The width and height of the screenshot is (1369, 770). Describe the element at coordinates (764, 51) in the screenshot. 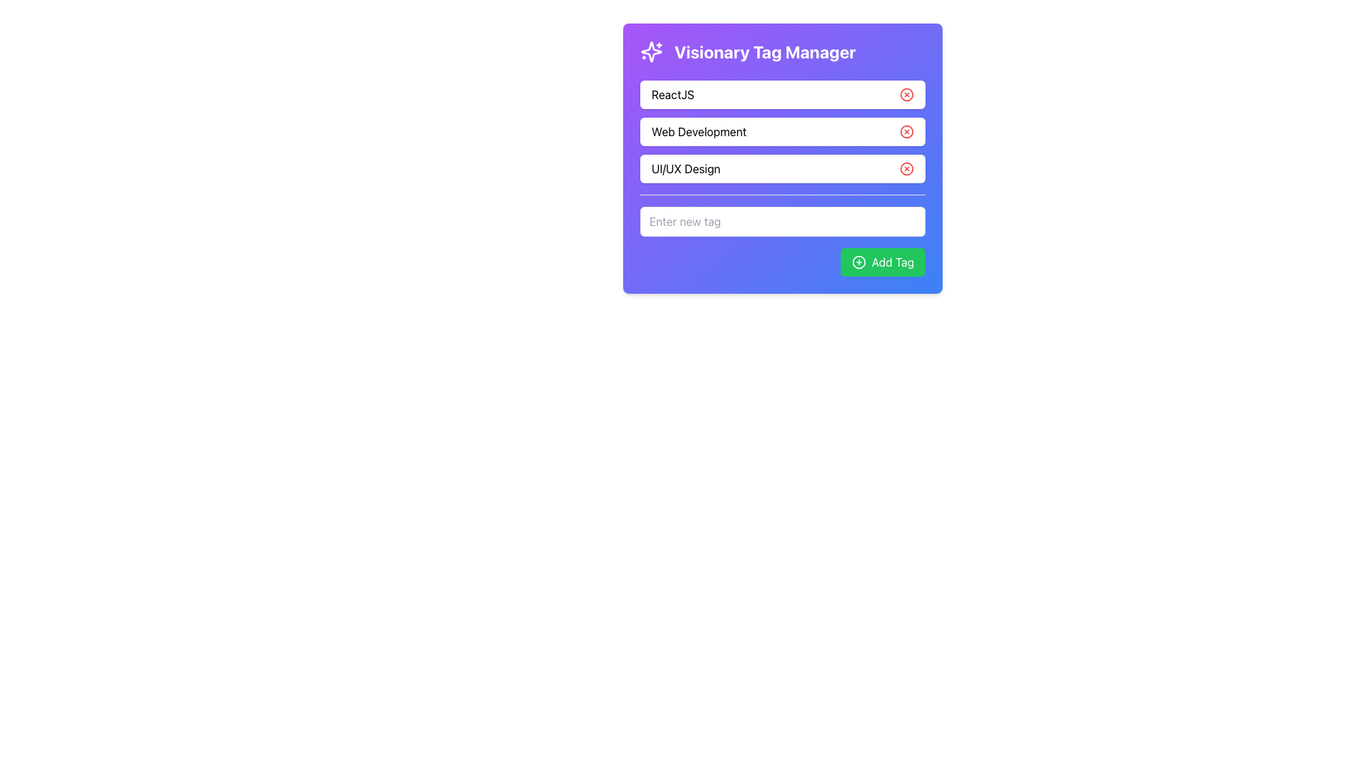

I see `the text label indicating the purpose of managing tags, located at the top right of the sparkles icon on the card interface` at that location.